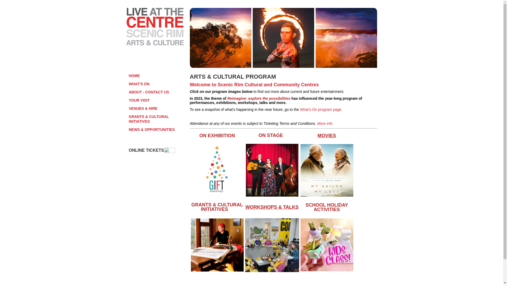 This screenshot has height=285, width=507. I want to click on 'ON EXHIBITION', so click(199, 136).